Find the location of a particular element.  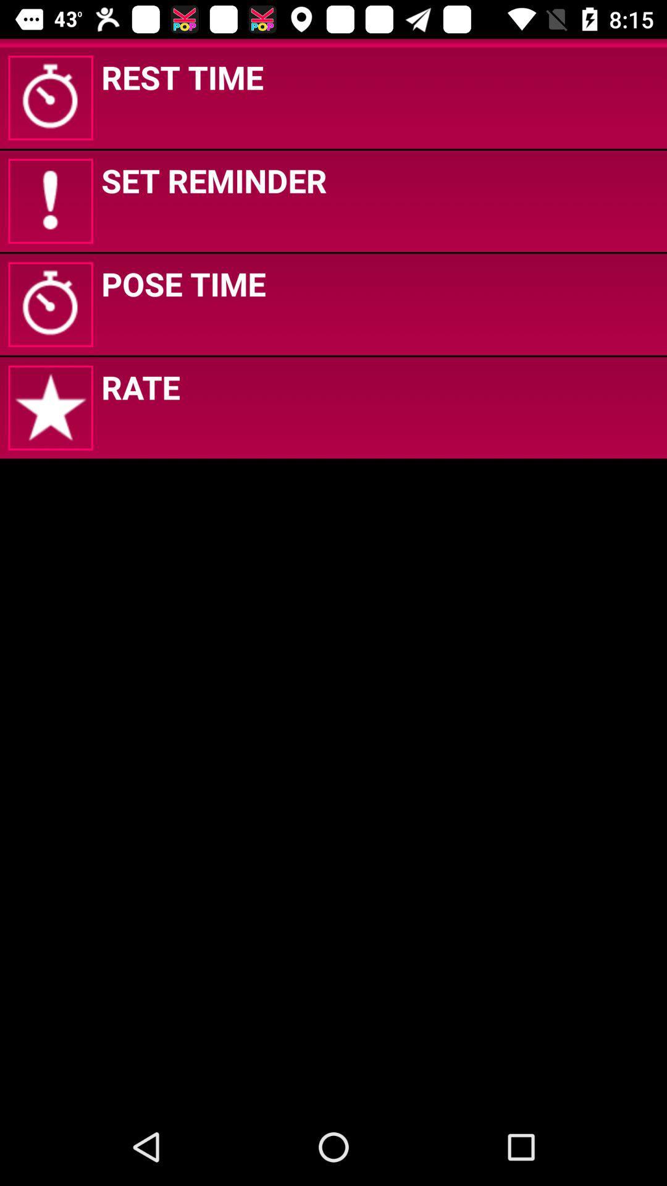

the rest time app is located at coordinates (182, 76).